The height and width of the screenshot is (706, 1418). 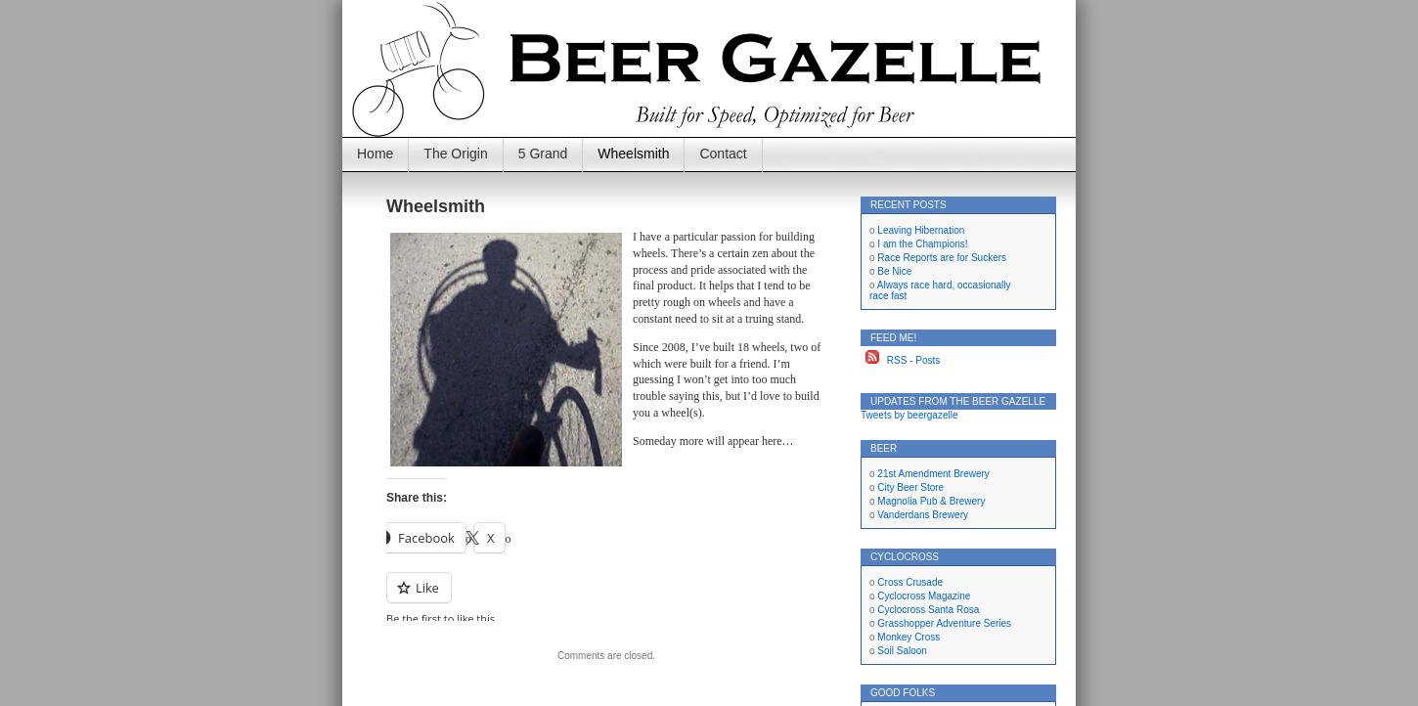 What do you see at coordinates (875, 473) in the screenshot?
I see `'21st Amendment Brewery'` at bounding box center [875, 473].